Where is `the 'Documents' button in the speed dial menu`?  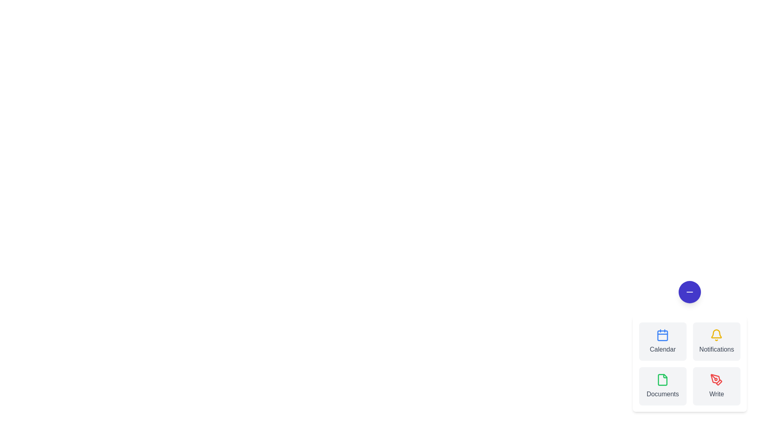 the 'Documents' button in the speed dial menu is located at coordinates (663, 386).